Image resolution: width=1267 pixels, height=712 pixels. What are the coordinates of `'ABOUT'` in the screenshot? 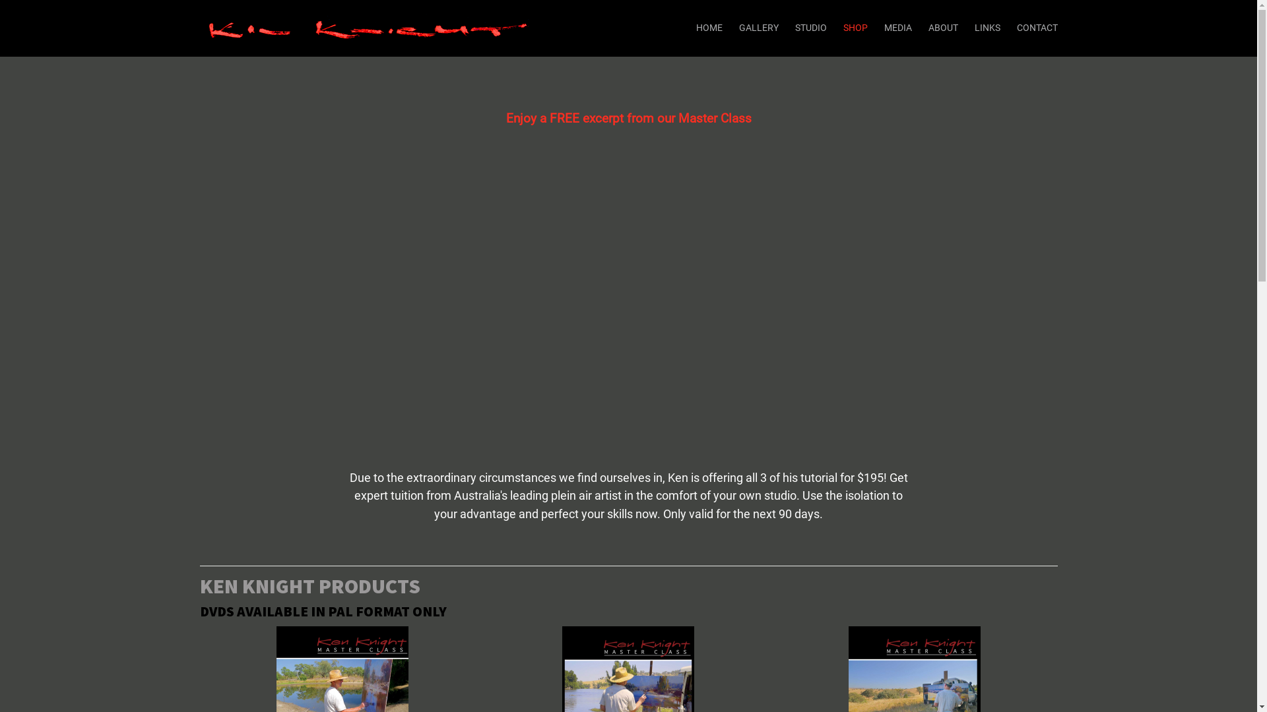 It's located at (942, 28).